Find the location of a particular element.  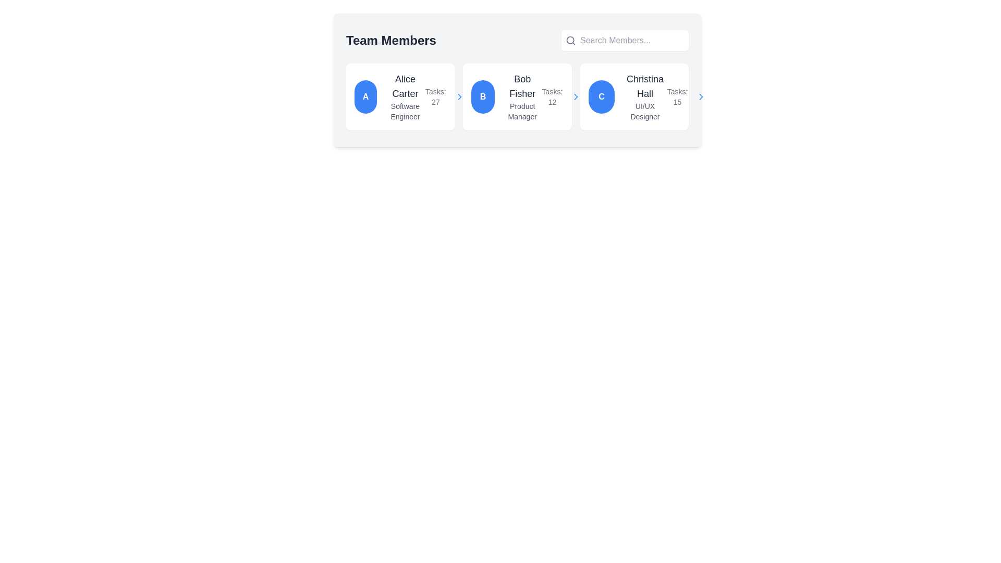

the text label displaying the professional title of Alice Carter, which is positioned below her name in the team member profile card is located at coordinates (405, 111).